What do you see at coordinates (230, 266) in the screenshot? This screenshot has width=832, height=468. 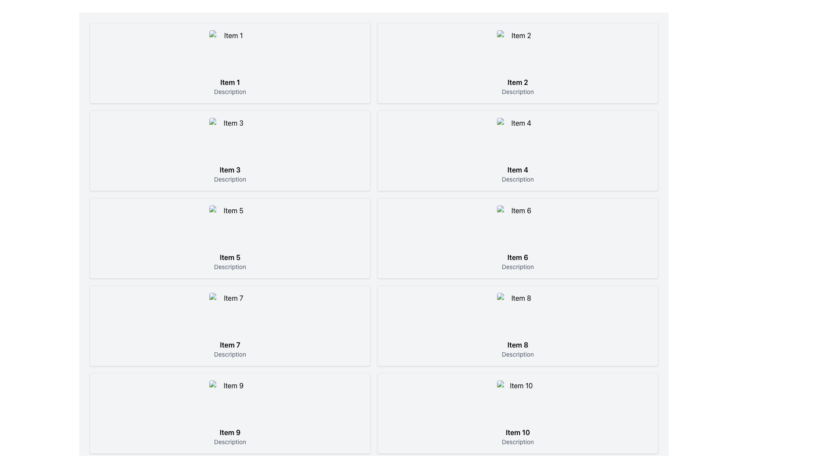 I see `text component displaying 'Description' located within the card for 'Item 5', positioned below the bold 'Item 5' text` at bounding box center [230, 266].